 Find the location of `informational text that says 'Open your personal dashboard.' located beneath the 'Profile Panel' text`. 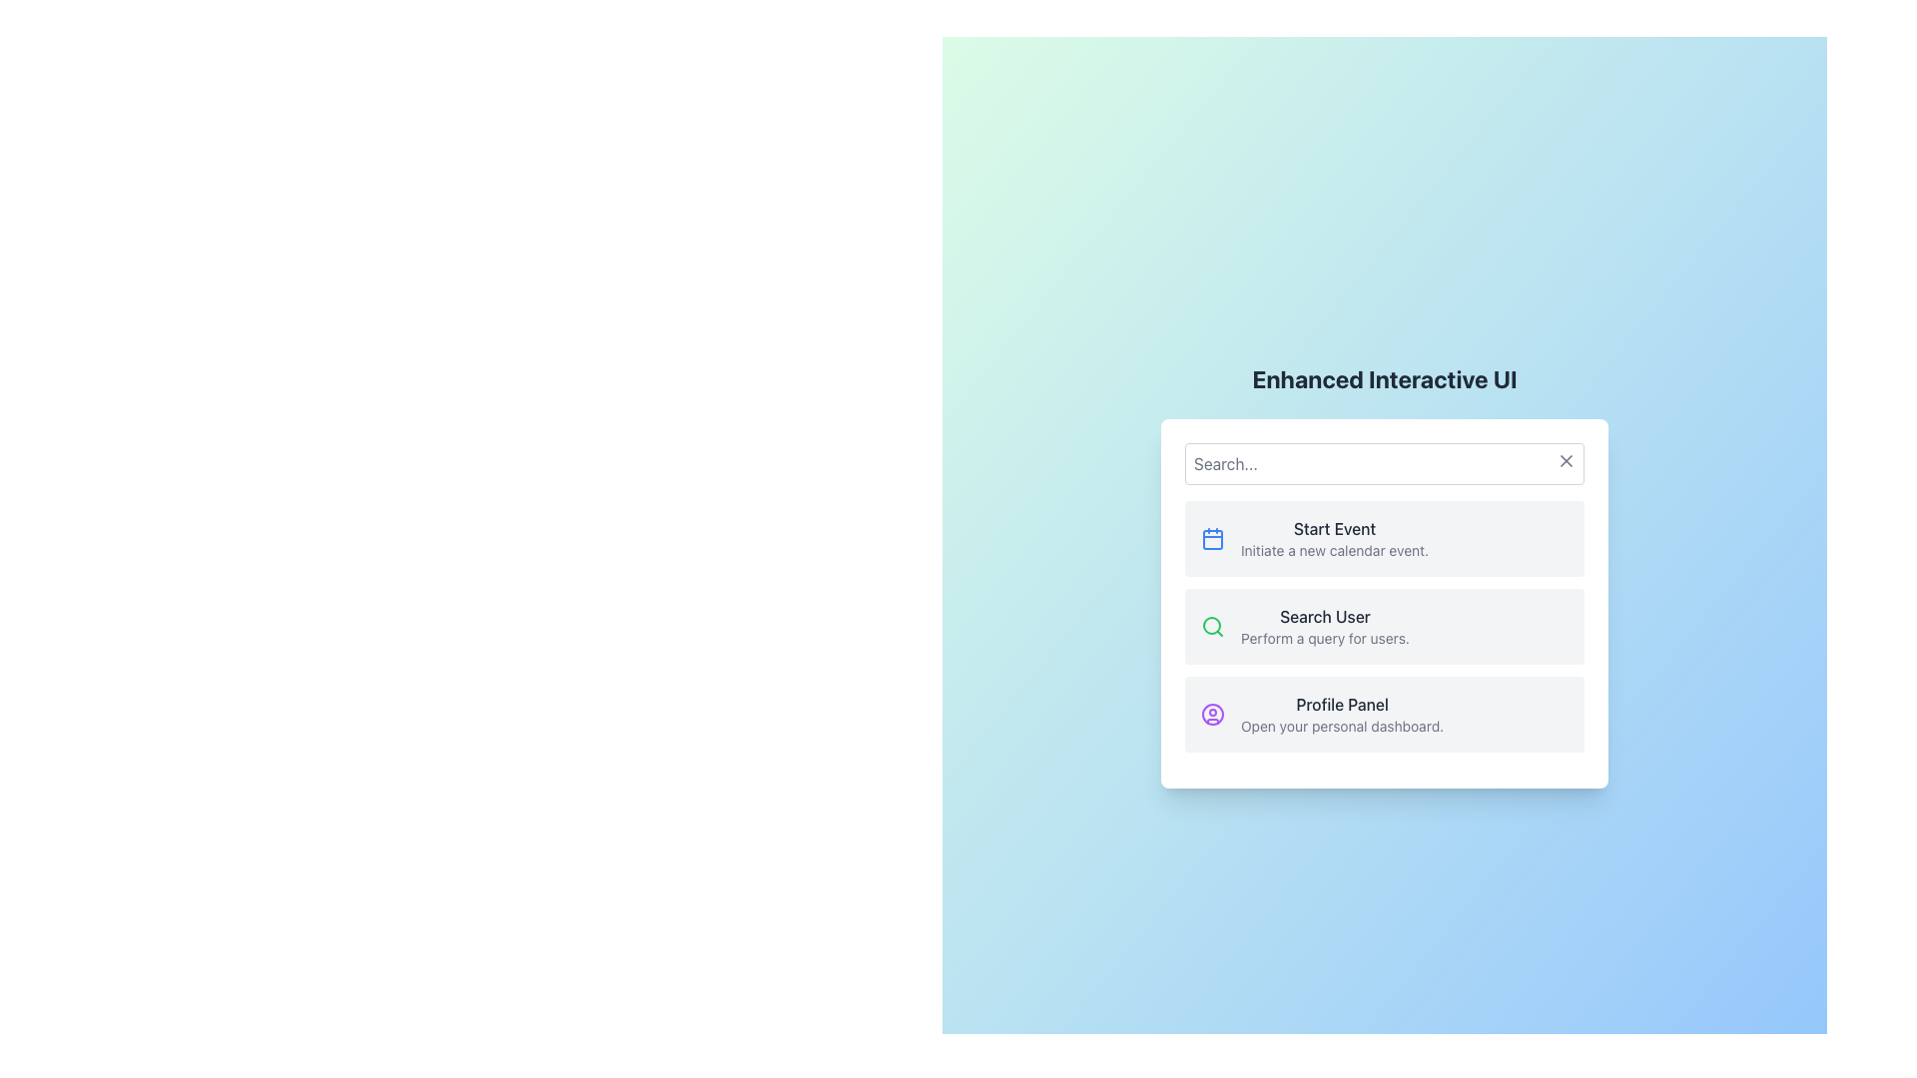

informational text that says 'Open your personal dashboard.' located beneath the 'Profile Panel' text is located at coordinates (1342, 727).